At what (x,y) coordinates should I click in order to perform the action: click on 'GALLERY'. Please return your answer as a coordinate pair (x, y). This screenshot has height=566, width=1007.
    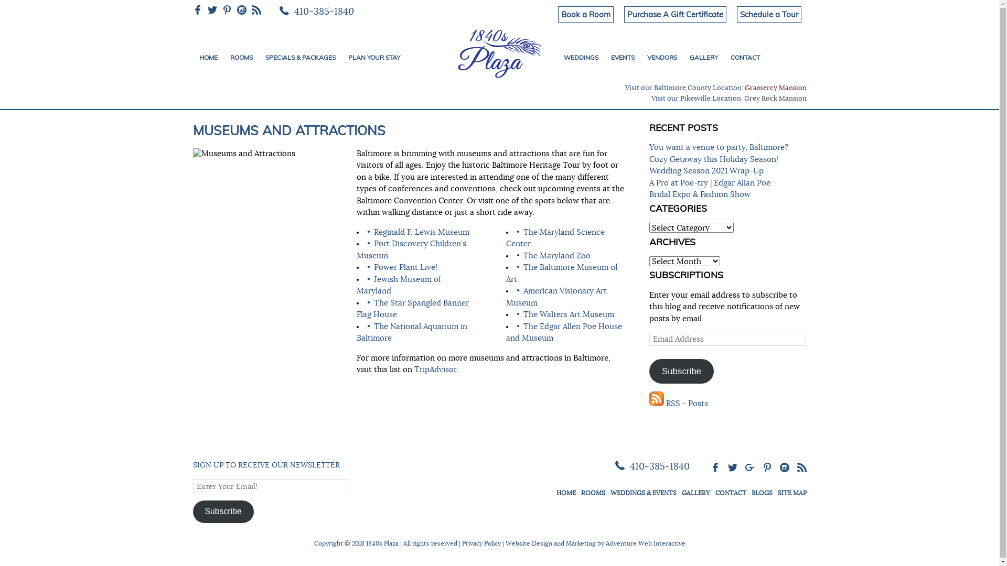
    Looking at the image, I should click on (703, 58).